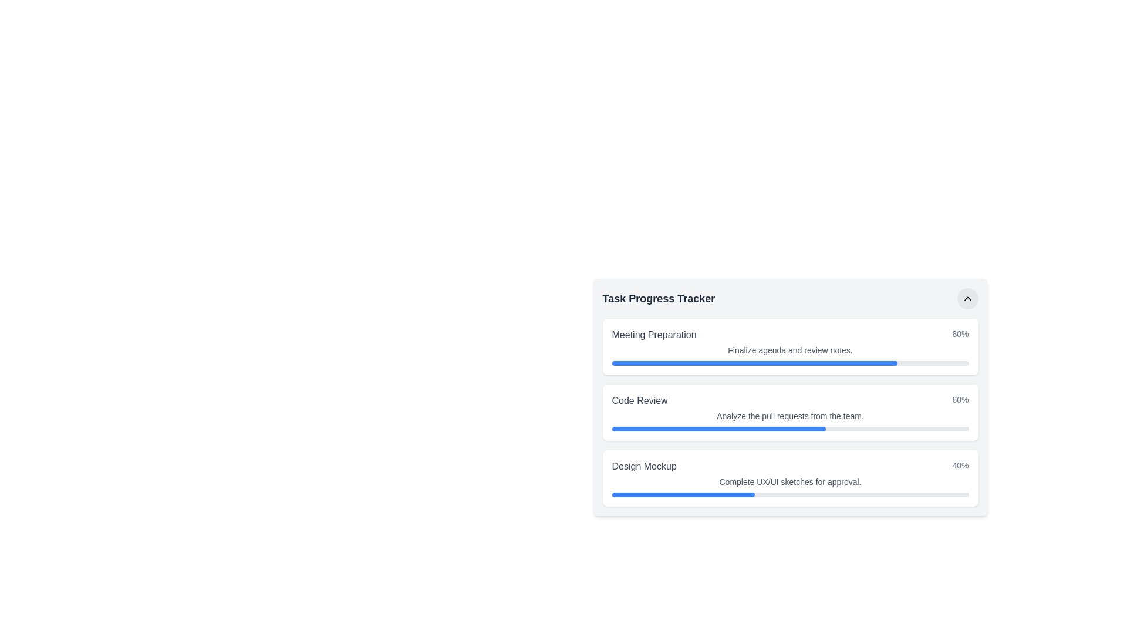 This screenshot has height=634, width=1127. What do you see at coordinates (790, 346) in the screenshot?
I see `the first task card in the 'Task Progress Tracker'` at bounding box center [790, 346].